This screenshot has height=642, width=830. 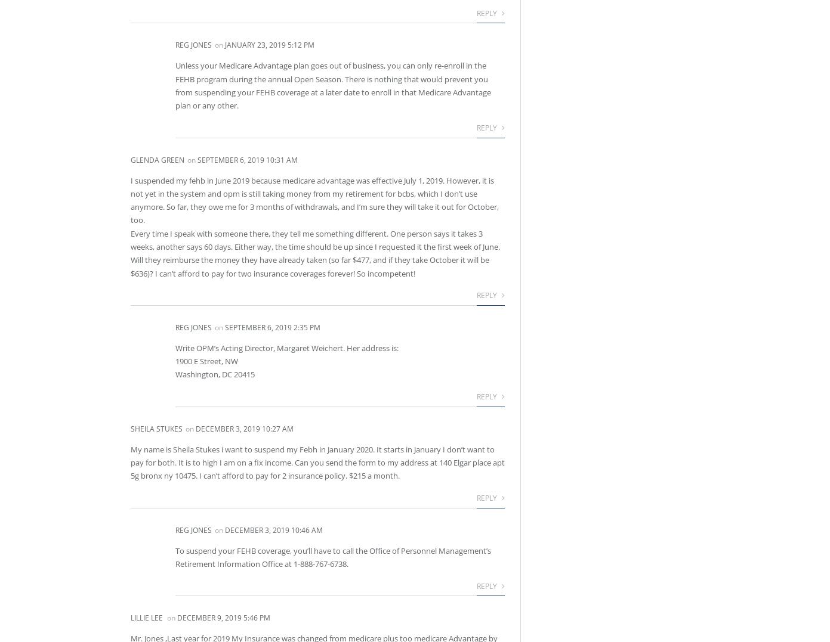 I want to click on 'September 6, 2019 2:35 pm', so click(x=271, y=327).